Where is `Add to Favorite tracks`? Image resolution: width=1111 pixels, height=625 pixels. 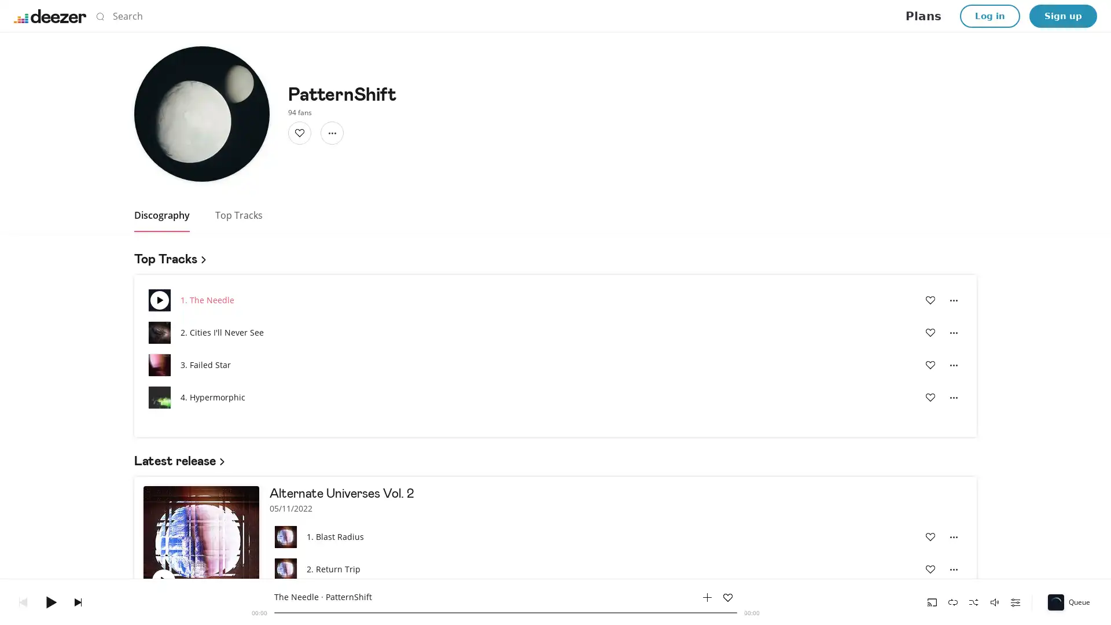 Add to Favorite tracks is located at coordinates (930, 601).